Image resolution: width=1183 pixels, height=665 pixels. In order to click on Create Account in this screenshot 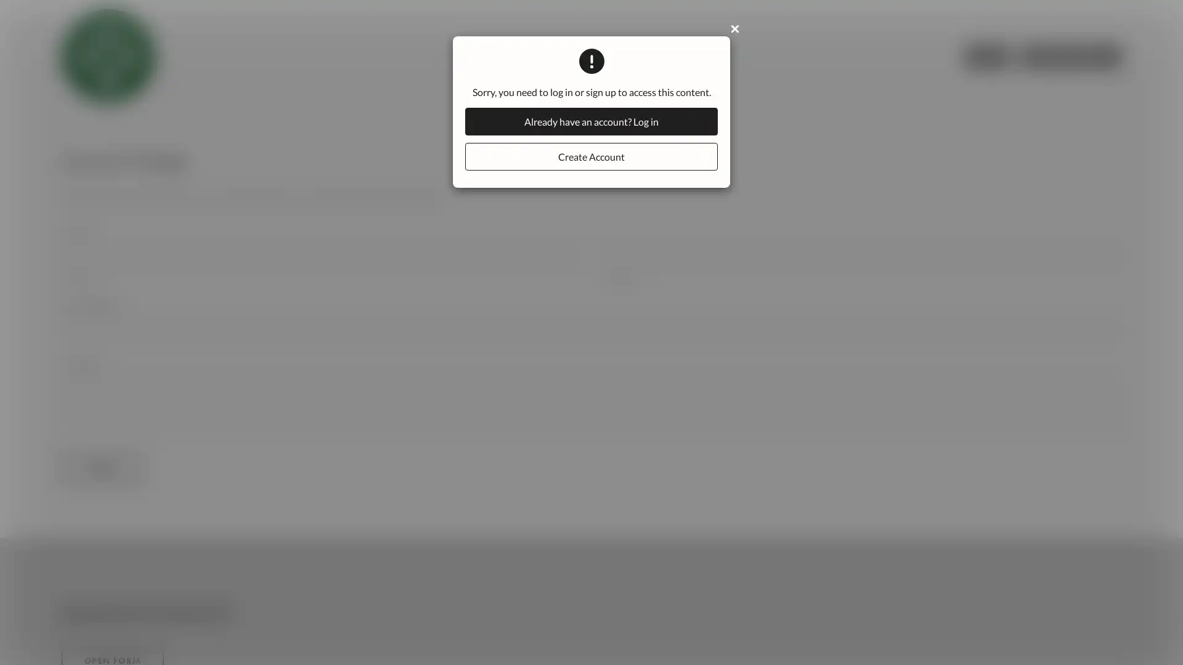, I will do `click(591, 156)`.